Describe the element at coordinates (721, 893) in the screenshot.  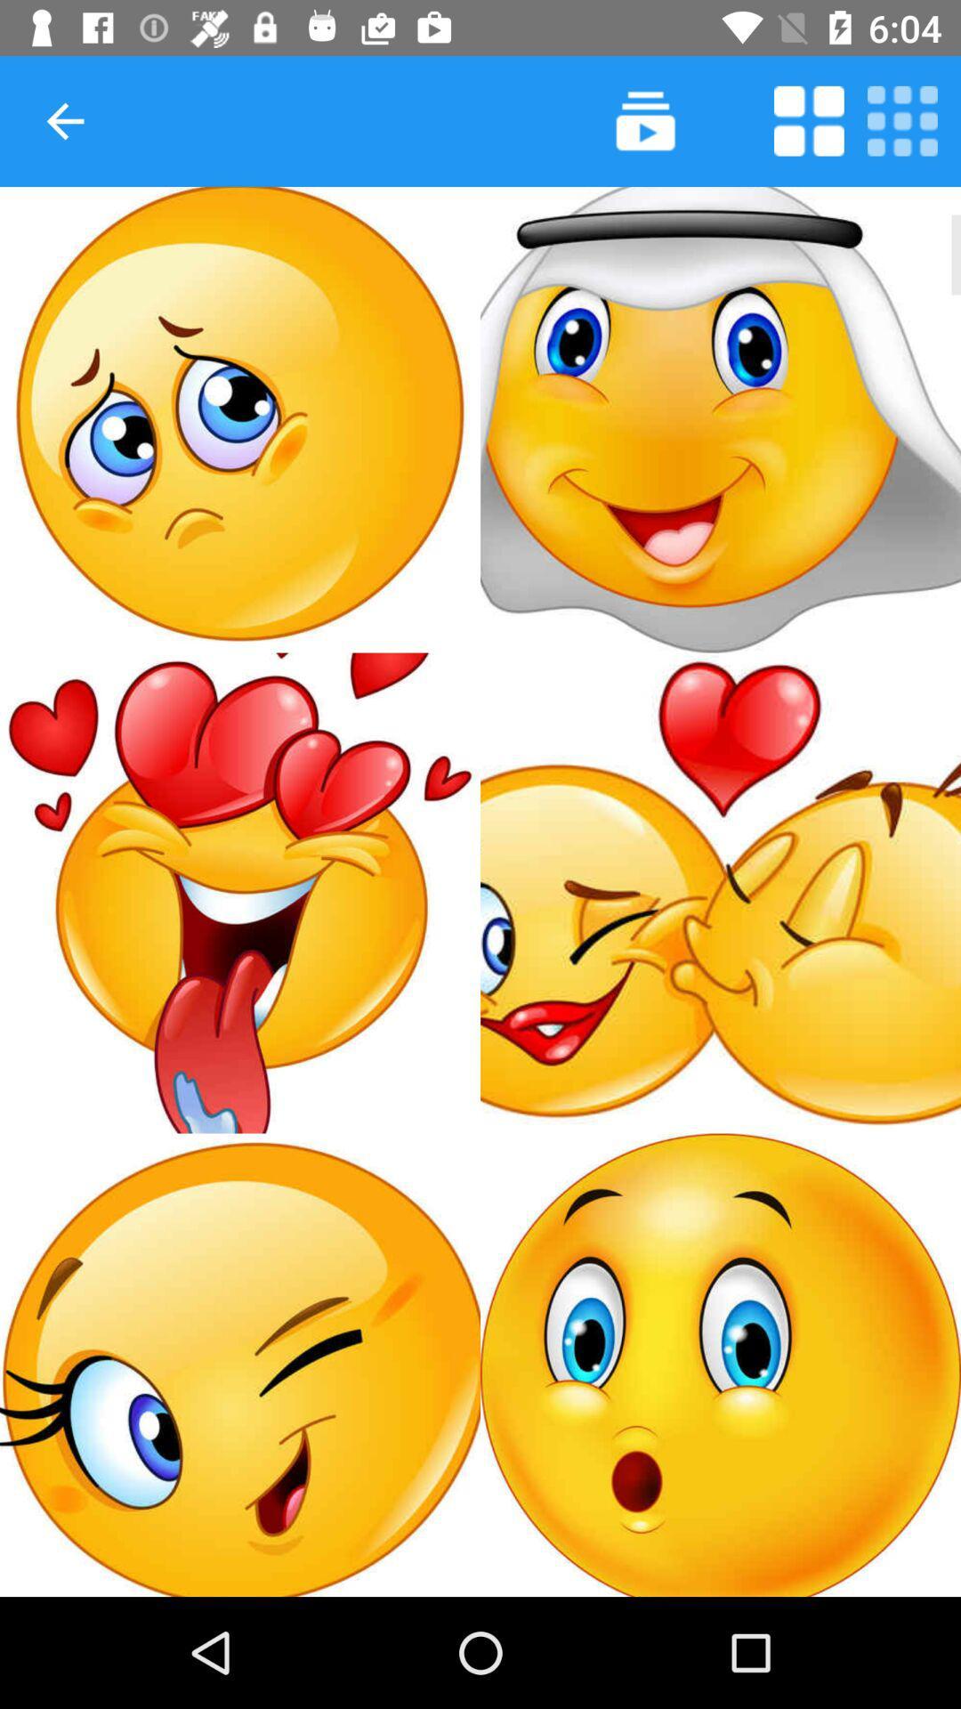
I see `picture of kissing emojis` at that location.